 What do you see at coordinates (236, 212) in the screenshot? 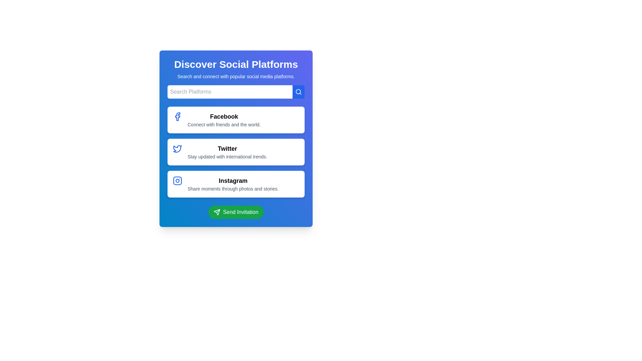
I see `the button located at the bottom of the 'Discover Social Platforms' card` at bounding box center [236, 212].